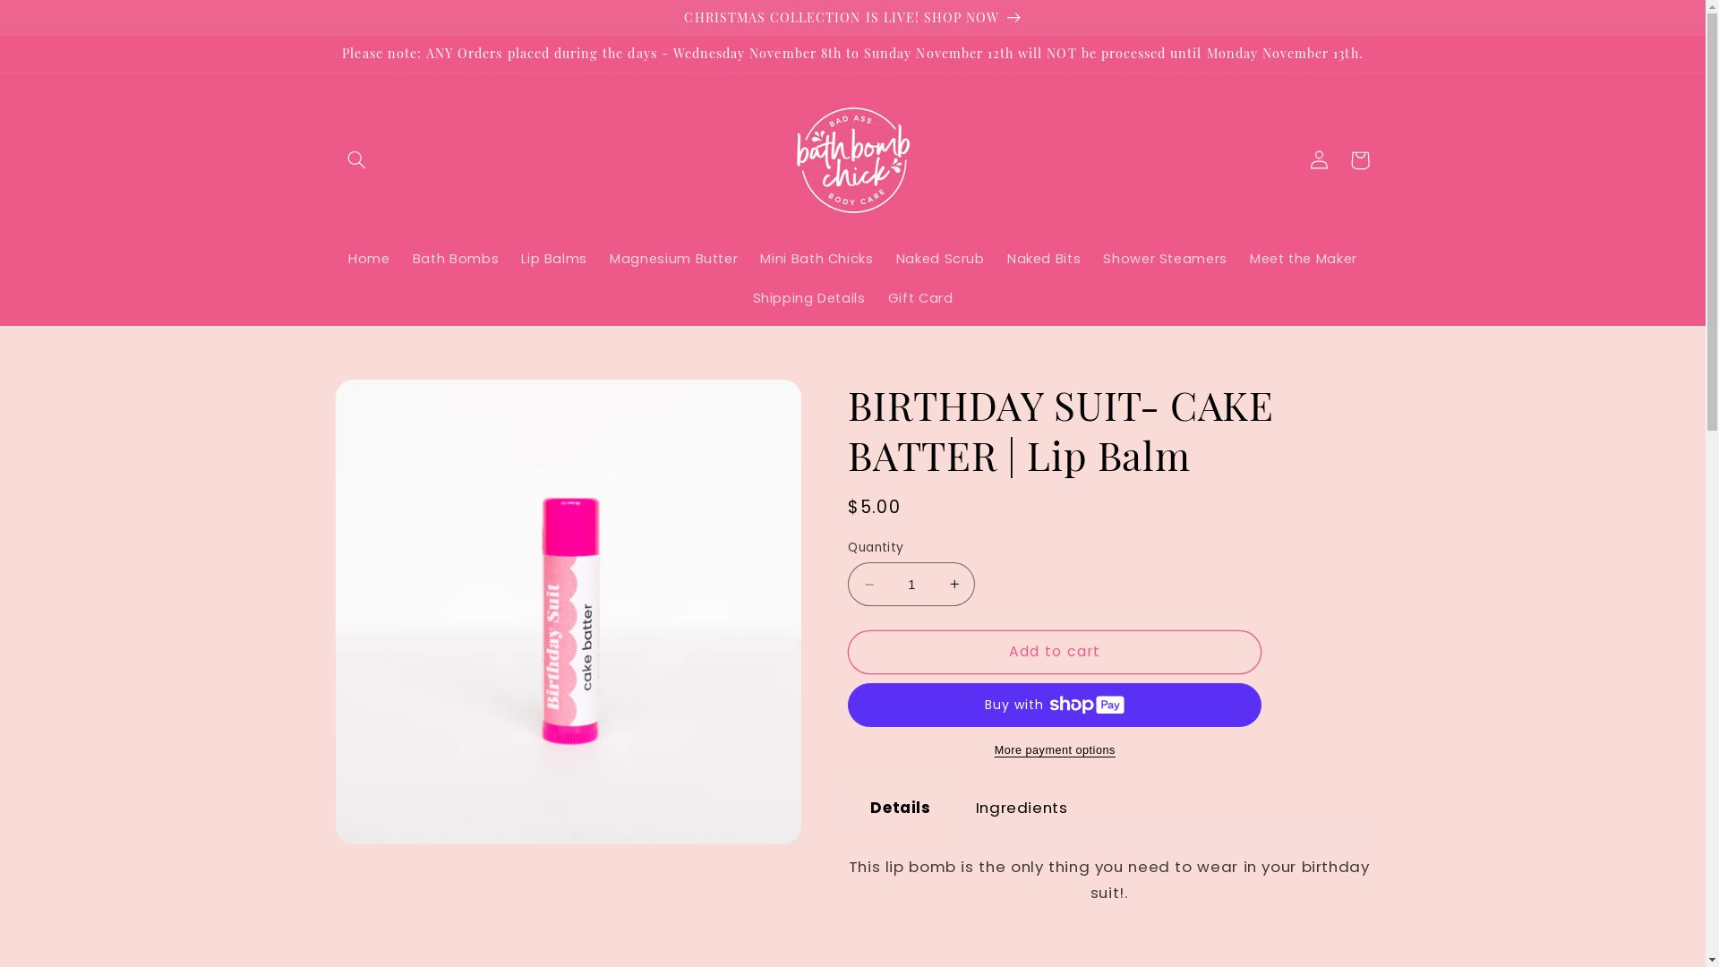 The height and width of the screenshot is (967, 1719). What do you see at coordinates (877, 298) in the screenshot?
I see `'Gift Card'` at bounding box center [877, 298].